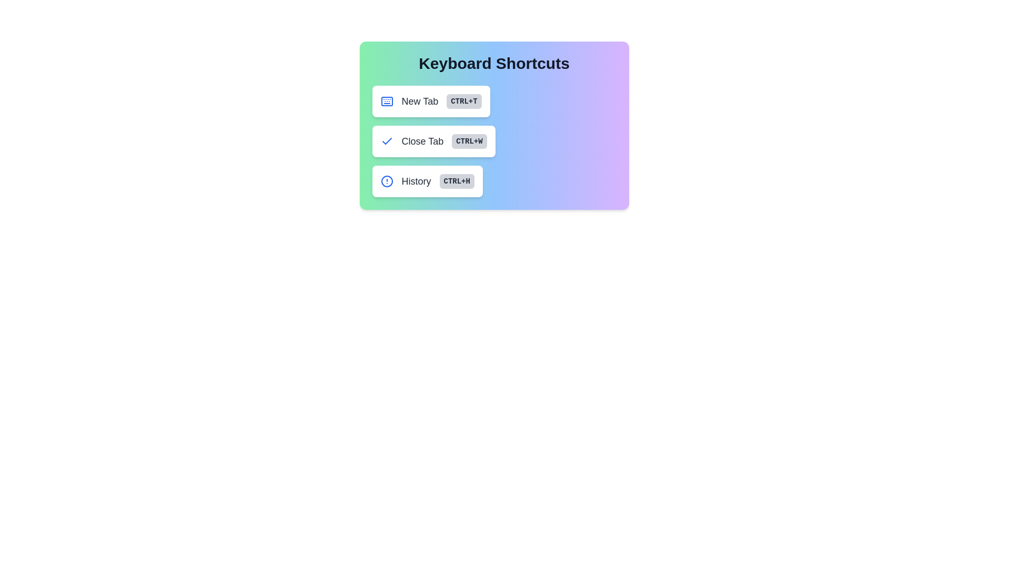 The height and width of the screenshot is (568, 1010). What do you see at coordinates (431, 101) in the screenshot?
I see `the 'New Tab' button, which has a white background, gray text, a blue icon on the left, and a gray badge with 'Ctrl+T' on the right, located at the top of the keyboard shortcuts list` at bounding box center [431, 101].